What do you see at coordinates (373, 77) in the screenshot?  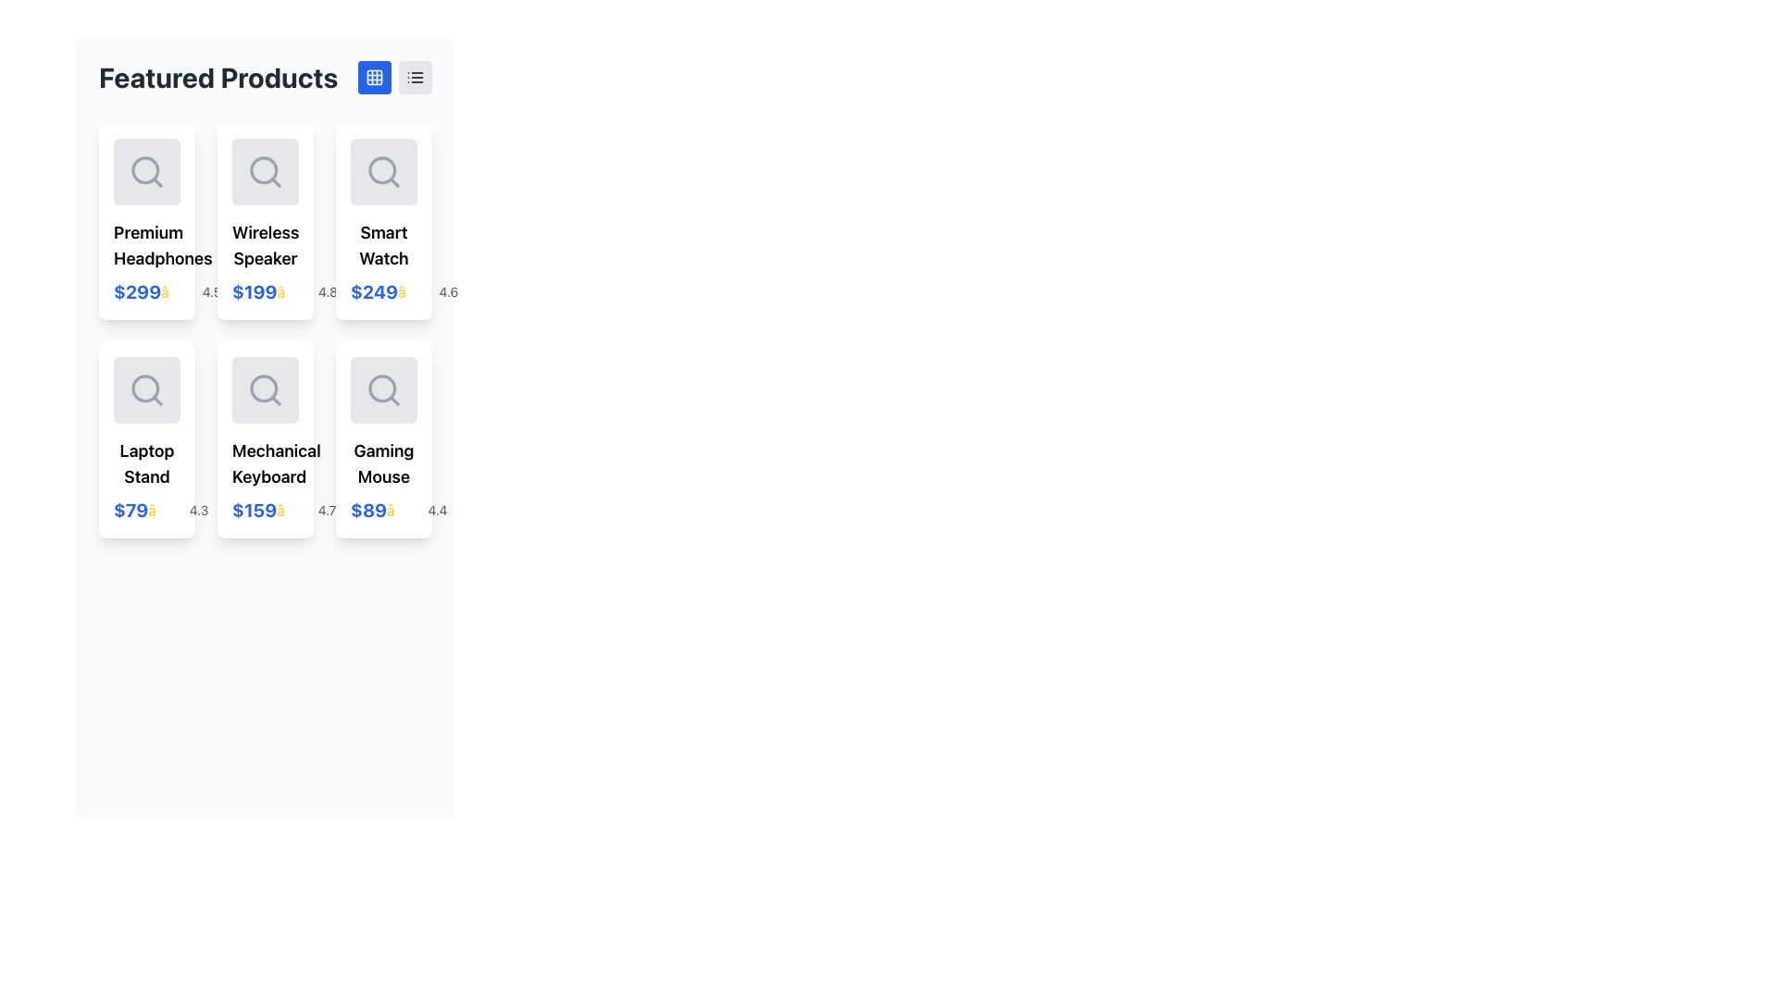 I see `the toggle button for the grid view under 'Featured Products'` at bounding box center [373, 77].